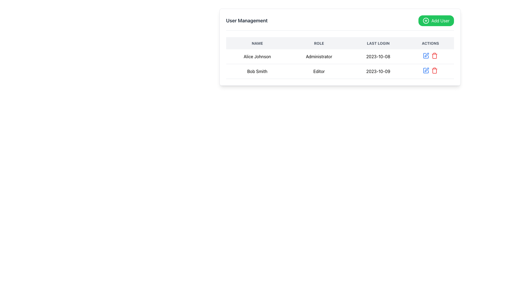 The width and height of the screenshot is (517, 291). What do you see at coordinates (426, 70) in the screenshot?
I see `the edit icon in the 'Actions' column of the table for the row associated with 'Bob Smith' to bring up the editor` at bounding box center [426, 70].